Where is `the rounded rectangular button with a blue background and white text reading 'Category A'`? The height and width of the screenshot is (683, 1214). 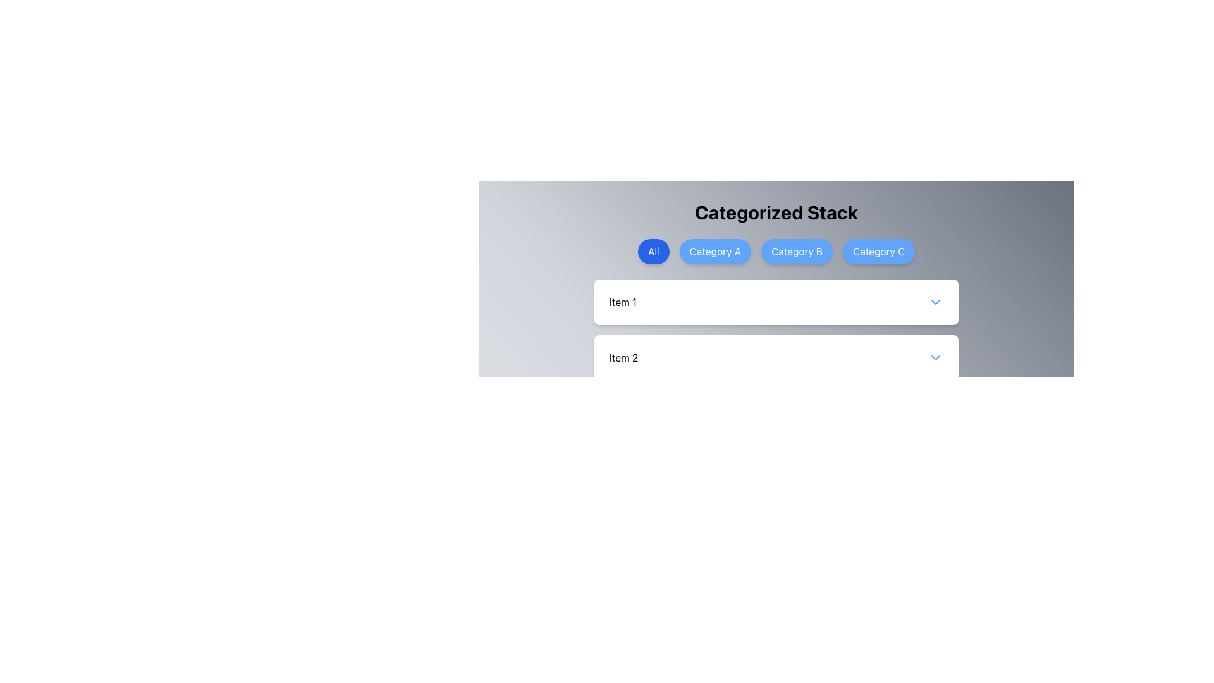 the rounded rectangular button with a blue background and white text reading 'Category A' is located at coordinates (715, 251).